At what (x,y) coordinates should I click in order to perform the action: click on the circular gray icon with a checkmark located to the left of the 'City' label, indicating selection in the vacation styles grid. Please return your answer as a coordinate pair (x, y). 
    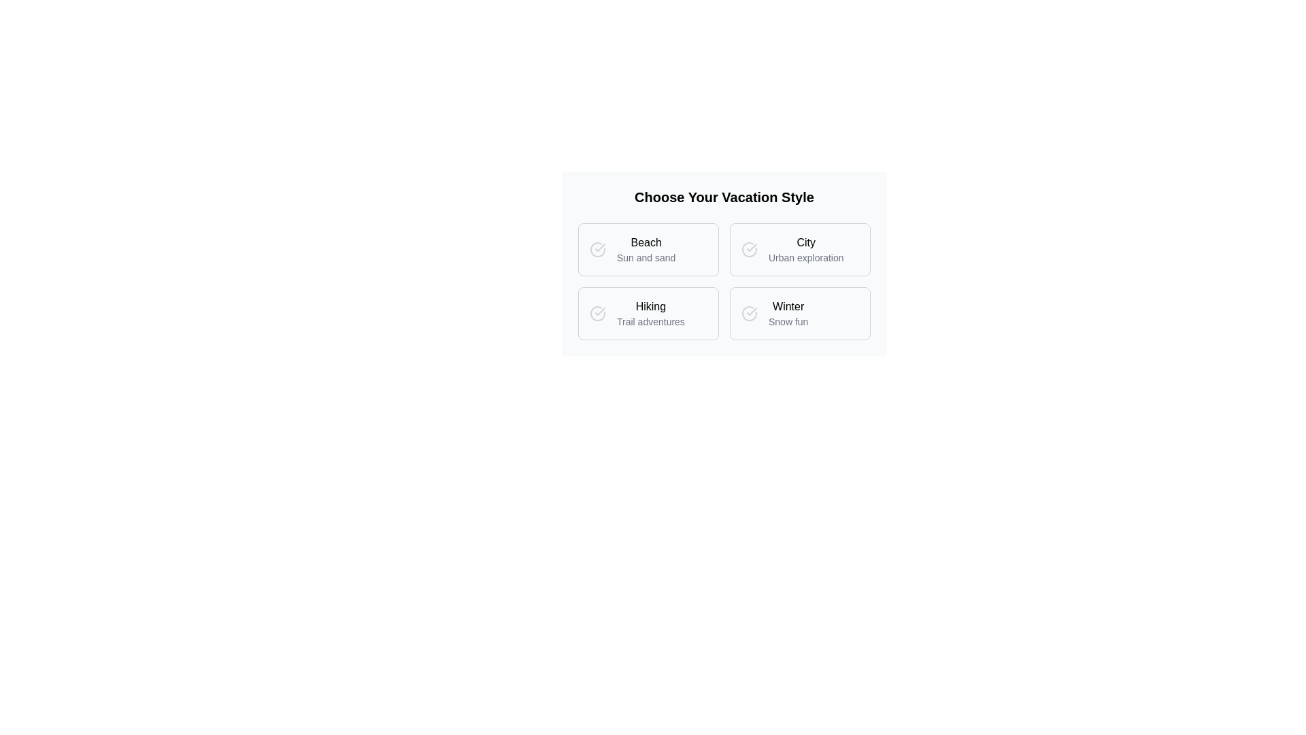
    Looking at the image, I should click on (749, 249).